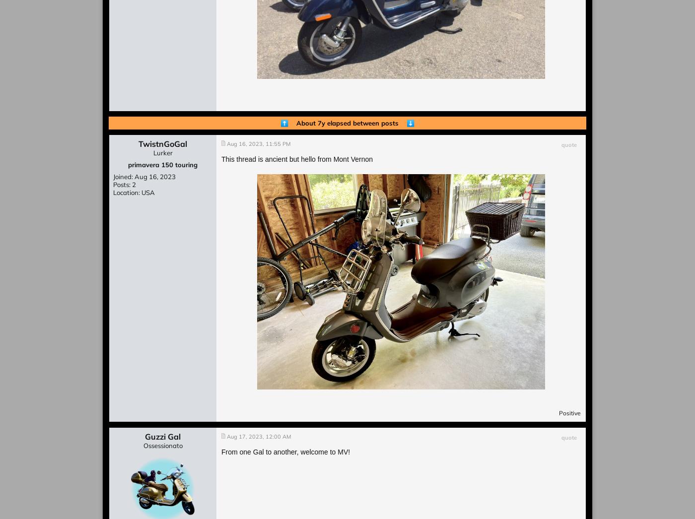  I want to click on 'TwistnGoGal', so click(163, 143).